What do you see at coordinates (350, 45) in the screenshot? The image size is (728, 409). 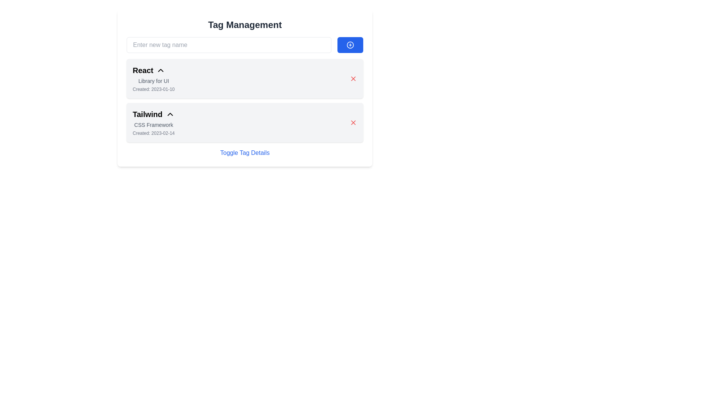 I see `the button located to the immediate right of the text input field labeled 'Enter new tag name' in the 'Tag Management' section to observe visual feedback` at bounding box center [350, 45].